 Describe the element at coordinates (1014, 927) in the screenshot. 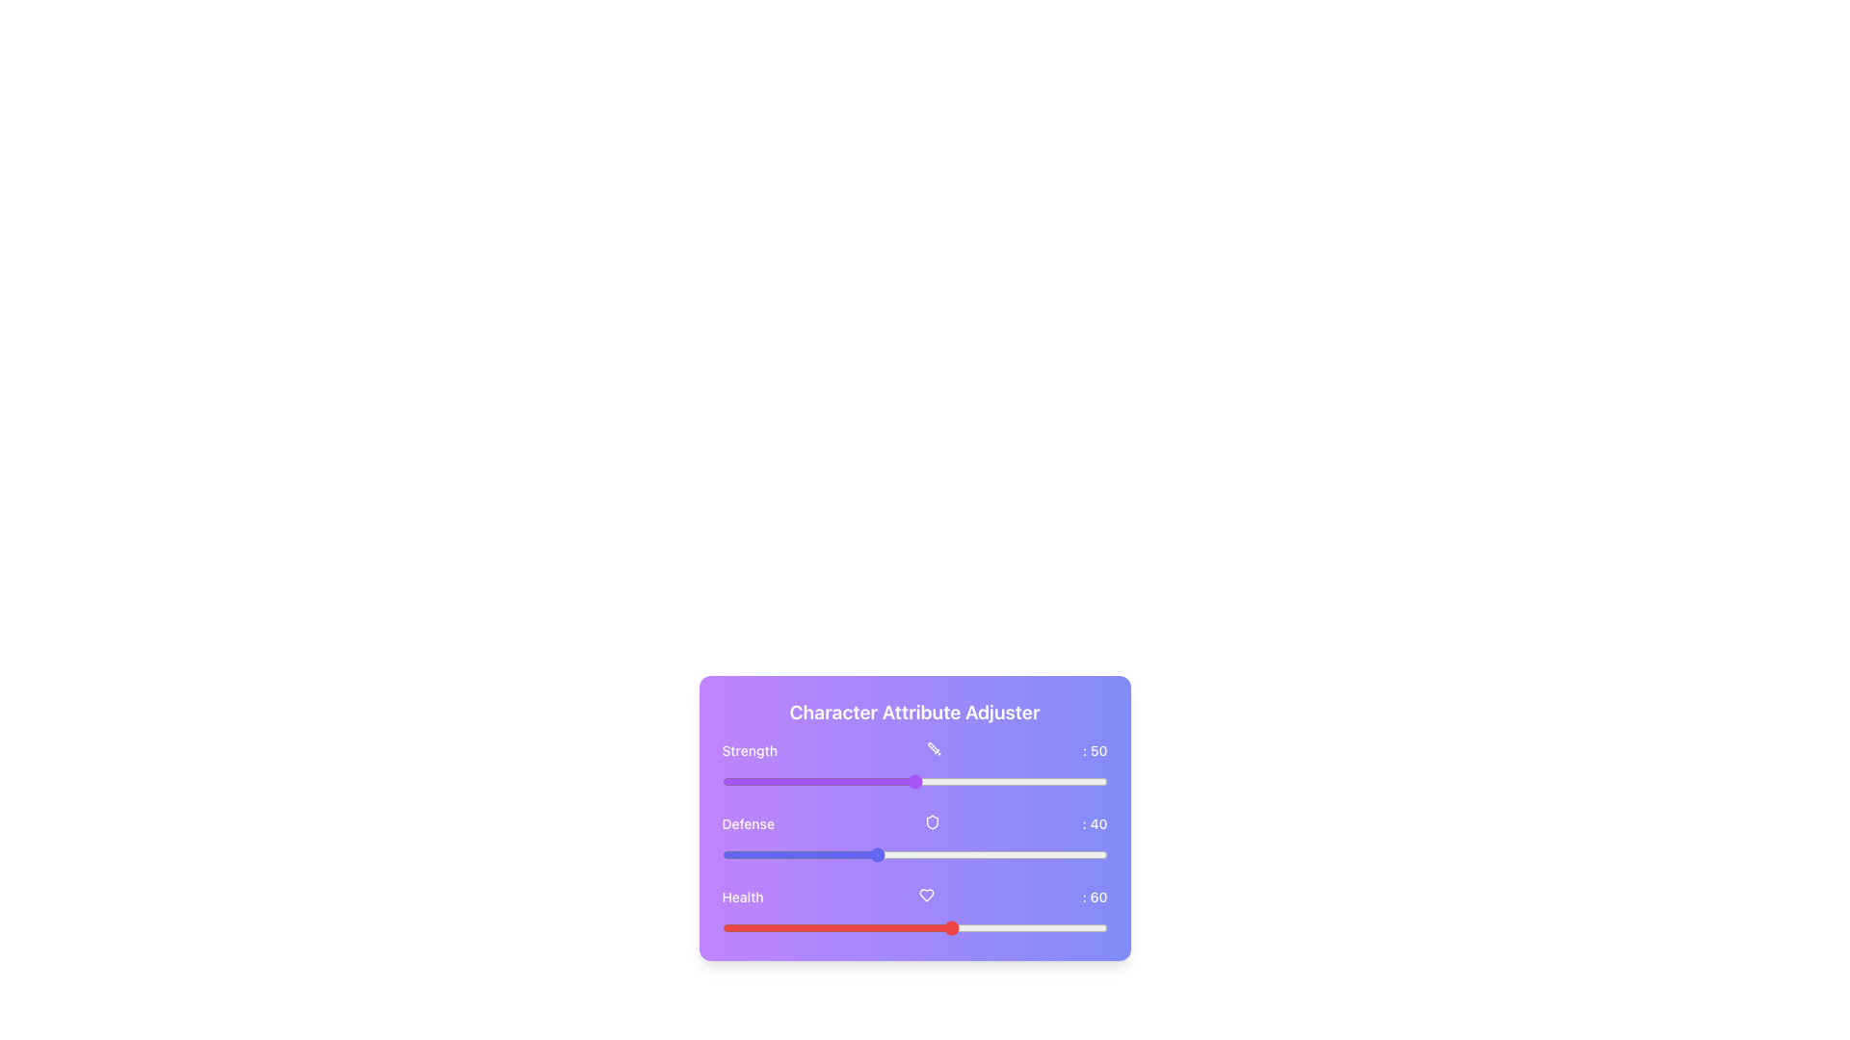

I see `health` at that location.